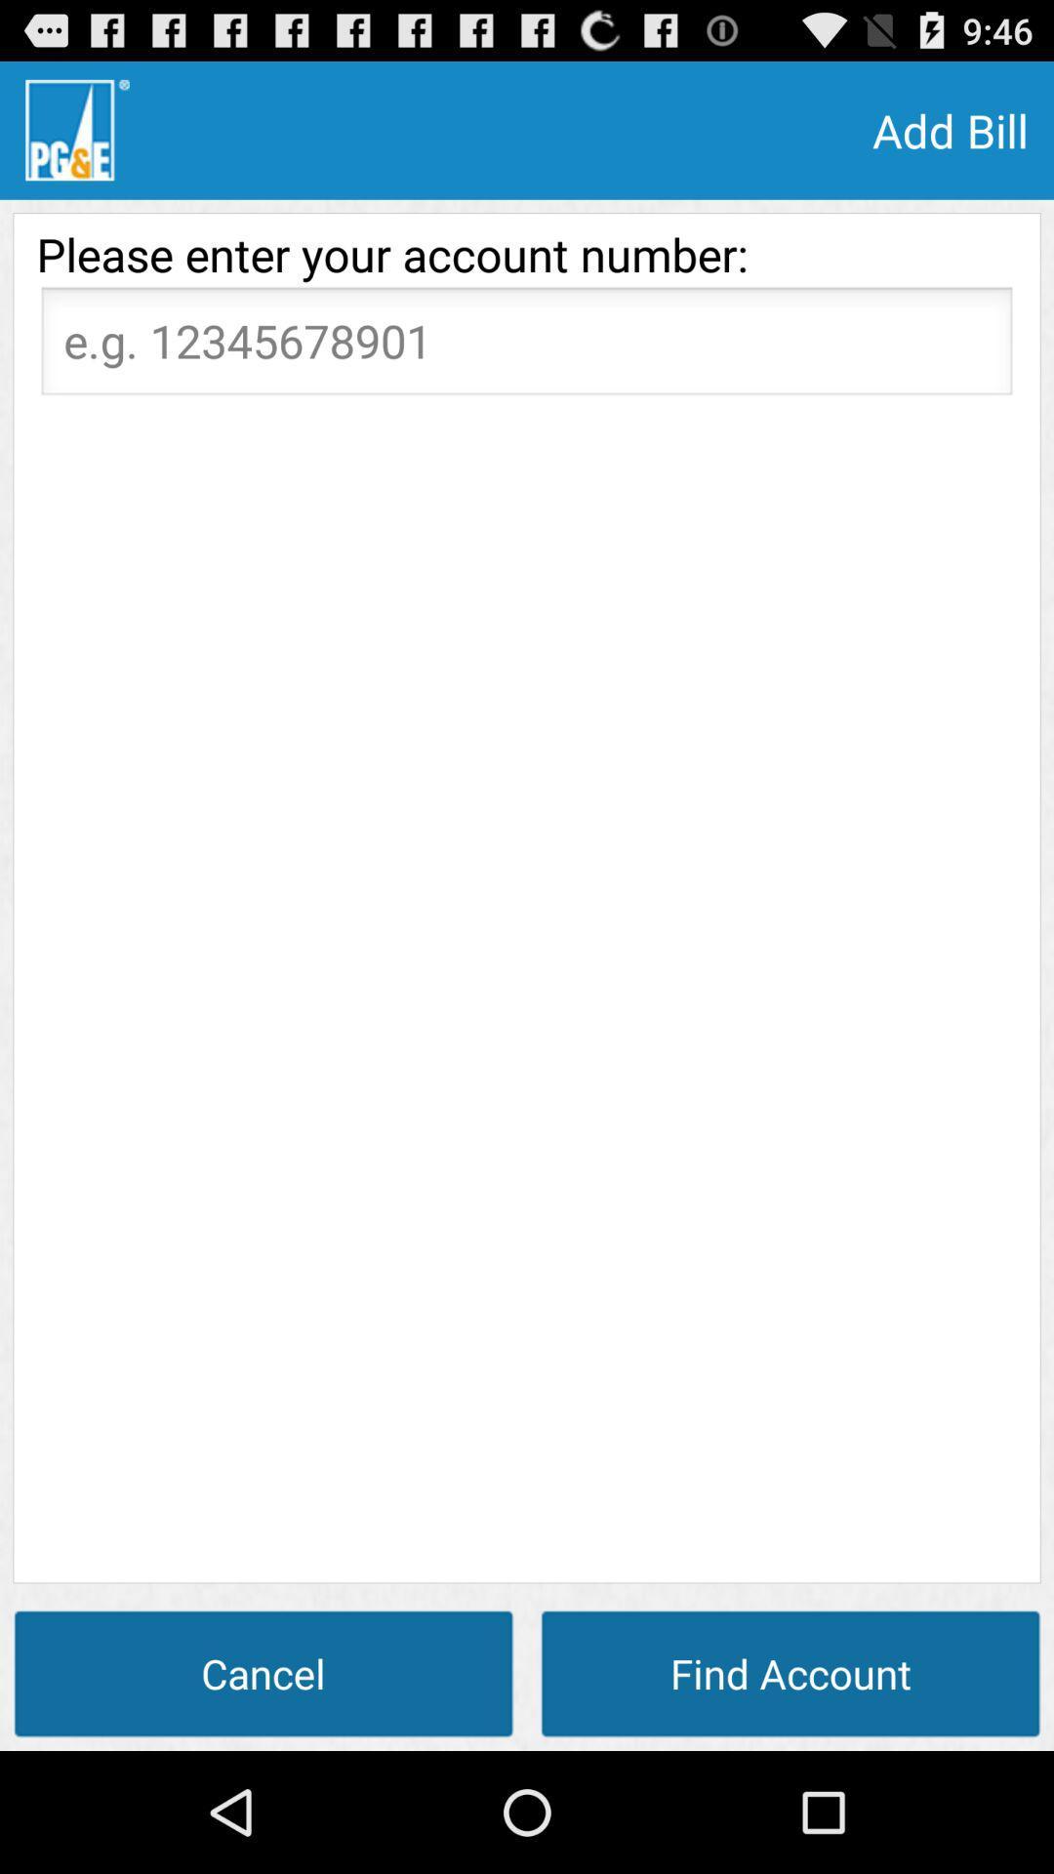 This screenshot has height=1874, width=1054. I want to click on the icon next to the find account icon, so click(263, 1672).